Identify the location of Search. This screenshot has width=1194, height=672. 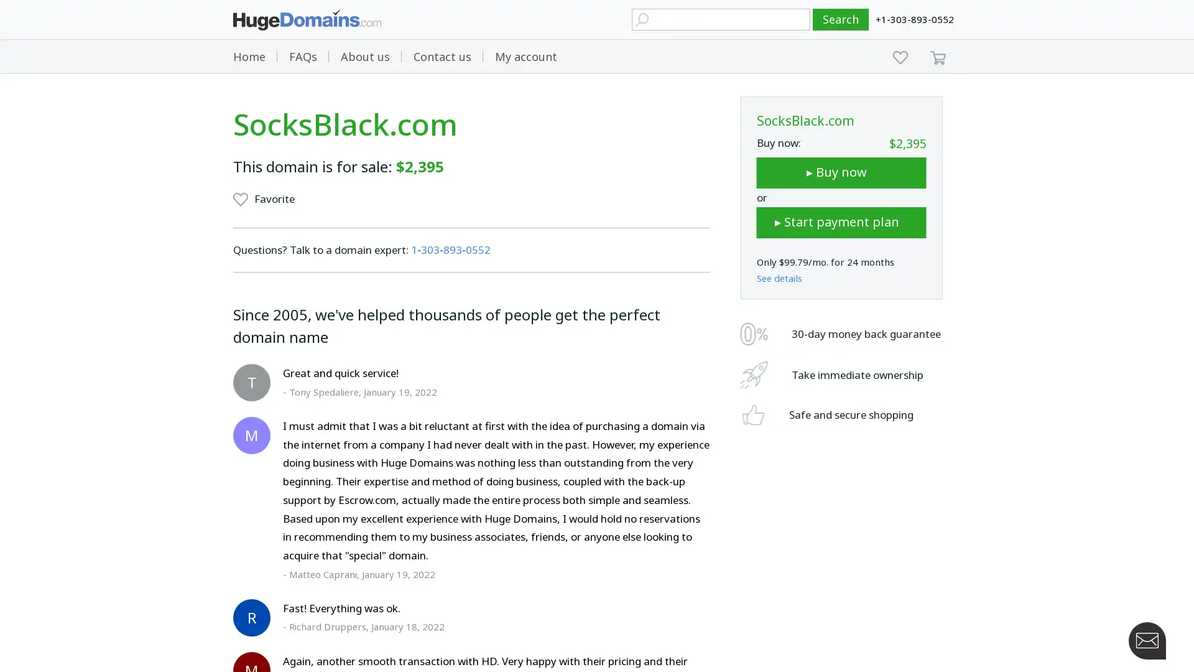
(841, 19).